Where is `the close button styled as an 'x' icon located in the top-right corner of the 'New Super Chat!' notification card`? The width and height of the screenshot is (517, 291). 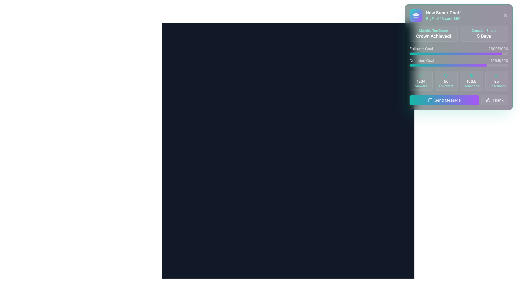
the close button styled as an 'x' icon located in the top-right corner of the 'New Super Chat!' notification card is located at coordinates (505, 15).